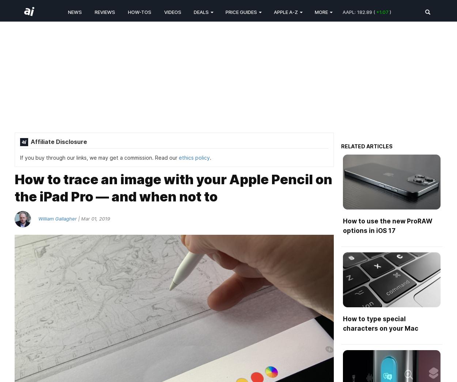 Image resolution: width=457 pixels, height=382 pixels. I want to click on 'AAPL: 182.89 (', so click(343, 11).